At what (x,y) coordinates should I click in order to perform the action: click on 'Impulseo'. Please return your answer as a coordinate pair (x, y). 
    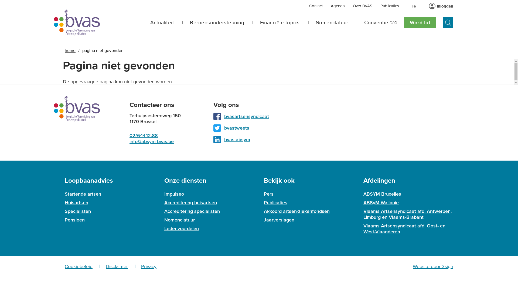
    Looking at the image, I should click on (164, 194).